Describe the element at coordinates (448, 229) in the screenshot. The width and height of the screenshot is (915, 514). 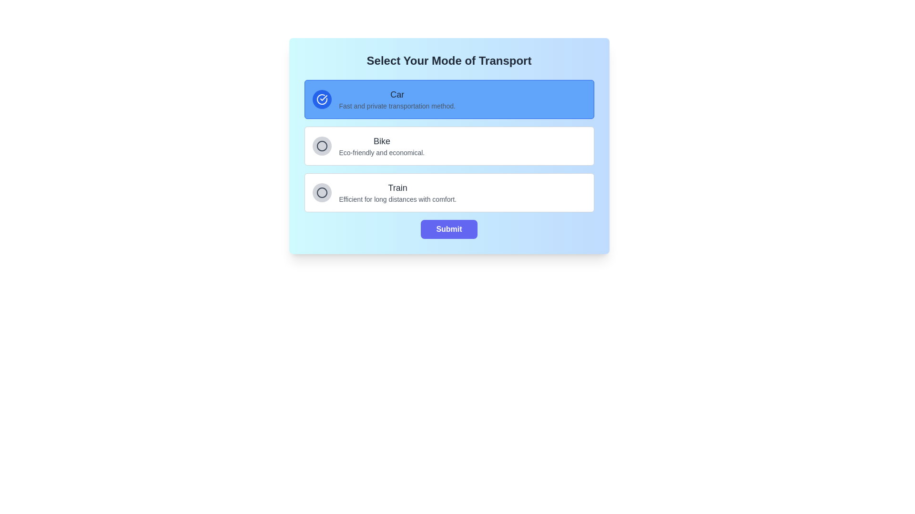
I see `the 'Submit' button with rounded edges and a purple background` at that location.